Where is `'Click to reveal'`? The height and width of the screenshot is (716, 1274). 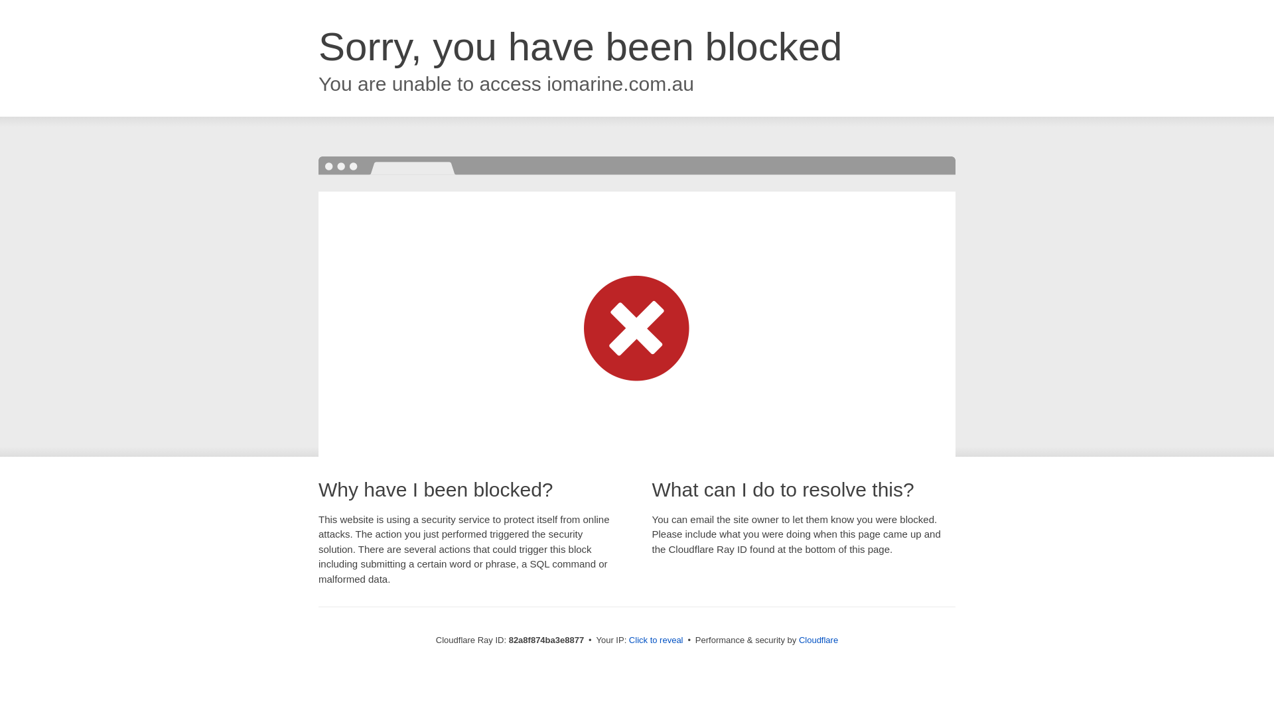
'Click to reveal' is located at coordinates (656, 639).